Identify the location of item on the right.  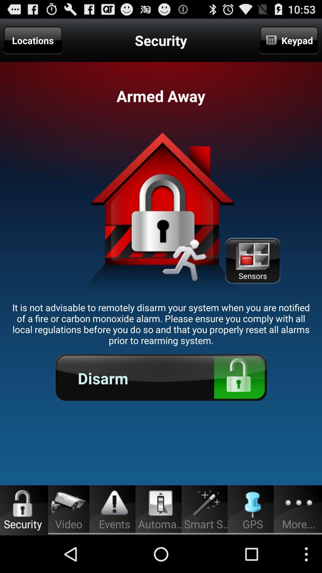
(253, 261).